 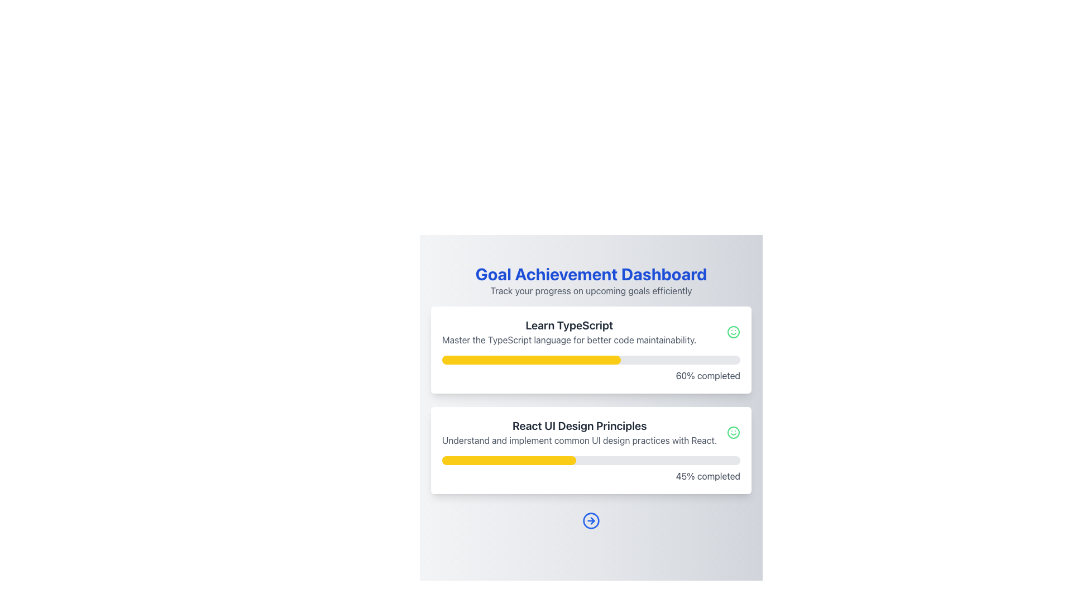 What do you see at coordinates (591, 331) in the screenshot?
I see `text of the Text block containing 'Learn TypeScript' and 'Master the TypeScript language for better code maintainability.' located in the first card under 'Goal Achievement Dashboard'` at bounding box center [591, 331].